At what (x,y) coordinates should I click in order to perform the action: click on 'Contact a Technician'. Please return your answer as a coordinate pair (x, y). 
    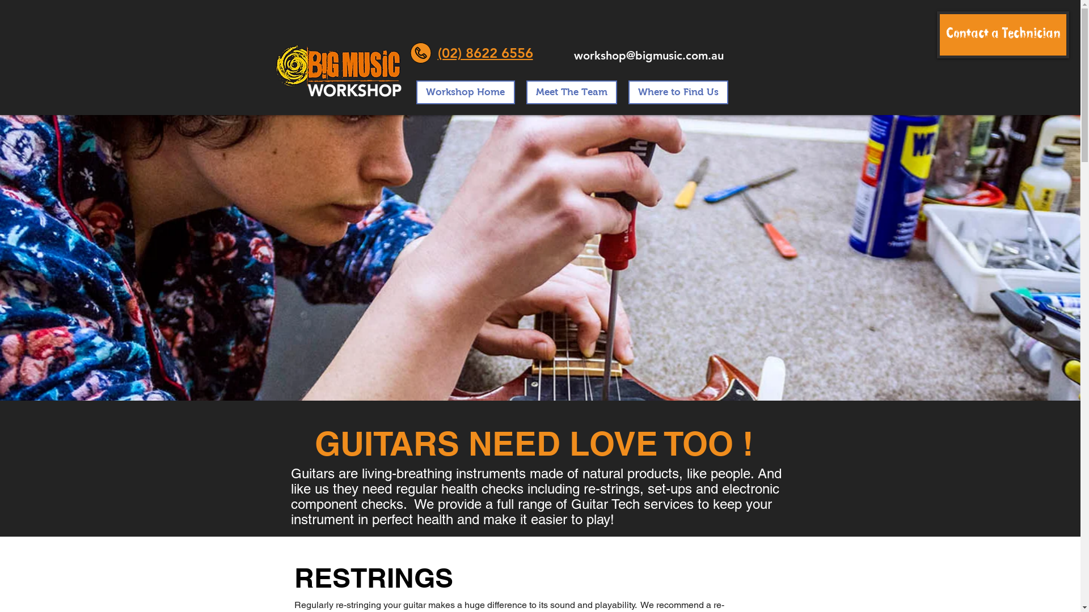
    Looking at the image, I should click on (1003, 34).